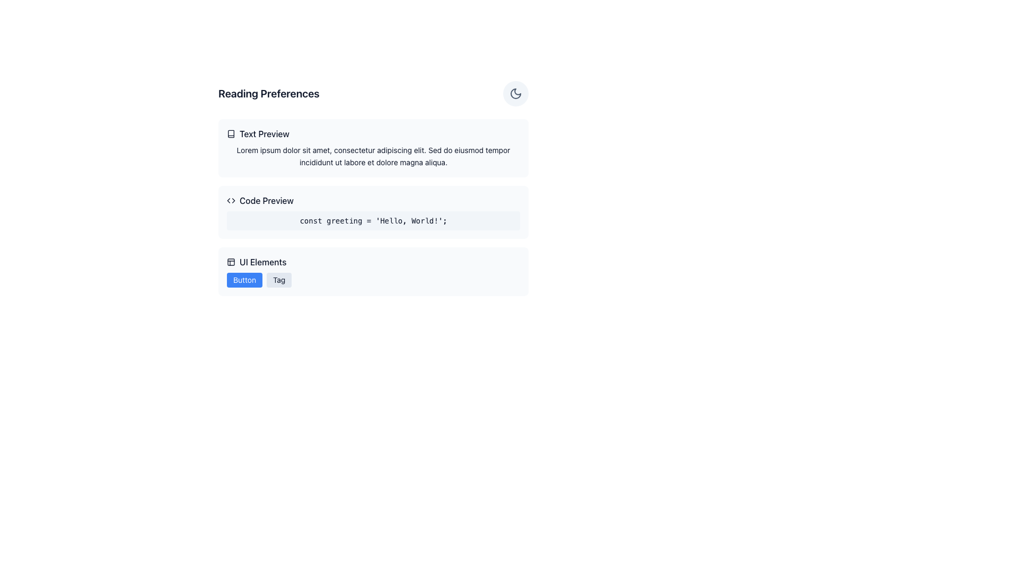  What do you see at coordinates (231, 262) in the screenshot?
I see `the icon representing the group titled 'UI Elements', which is located to the left of the text 'UI Elements'` at bounding box center [231, 262].